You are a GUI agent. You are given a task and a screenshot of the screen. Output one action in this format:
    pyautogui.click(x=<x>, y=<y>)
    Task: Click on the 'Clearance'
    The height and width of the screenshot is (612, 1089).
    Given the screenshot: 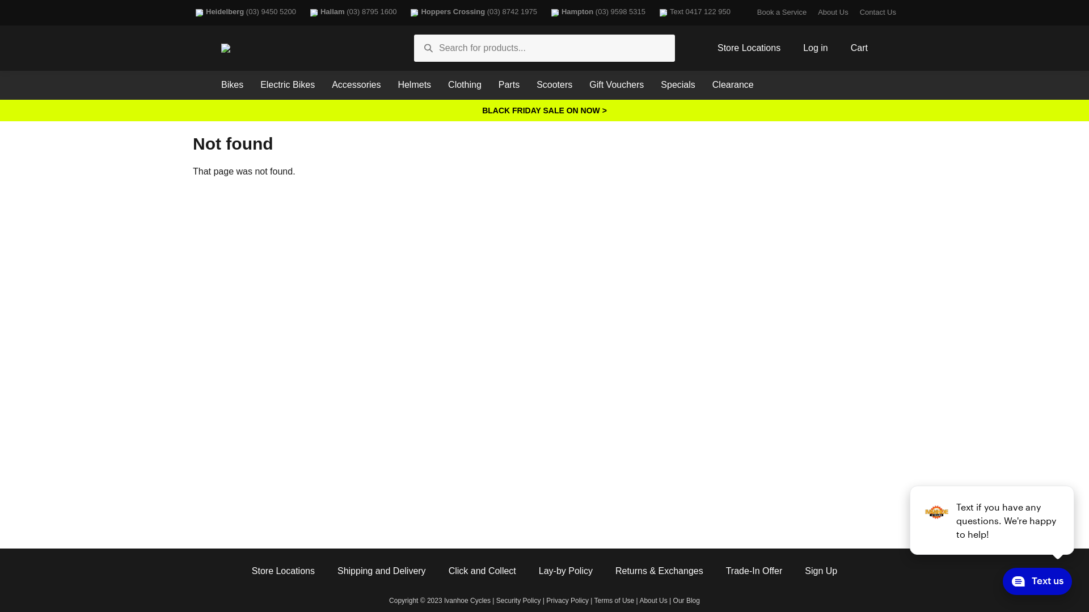 What is the action you would take?
    pyautogui.click(x=703, y=84)
    